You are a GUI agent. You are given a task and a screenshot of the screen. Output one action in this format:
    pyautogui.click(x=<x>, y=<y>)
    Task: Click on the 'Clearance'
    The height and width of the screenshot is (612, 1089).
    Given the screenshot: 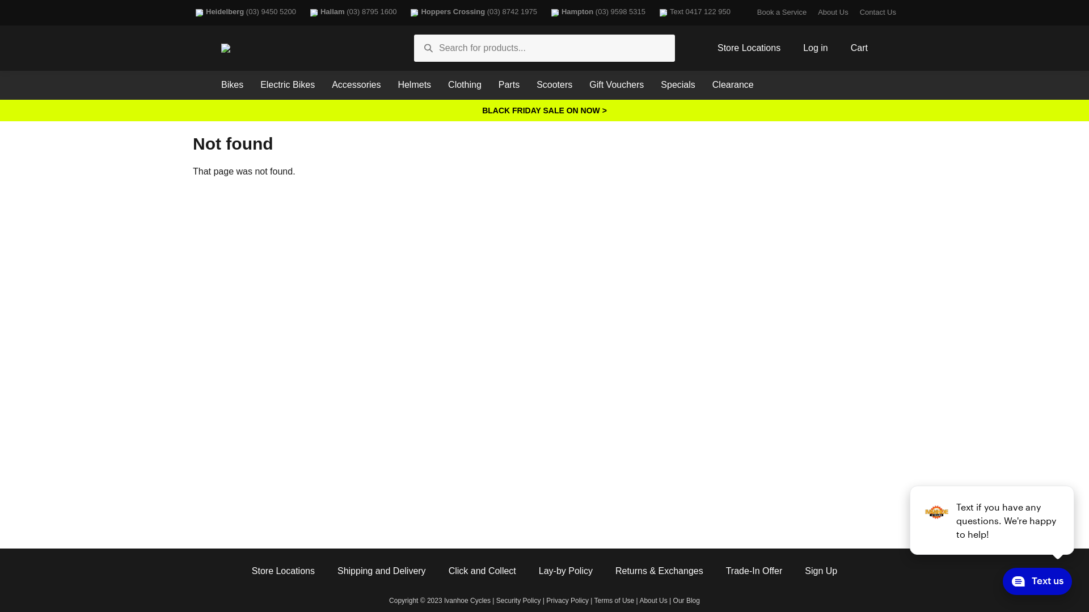 What is the action you would take?
    pyautogui.click(x=703, y=84)
    